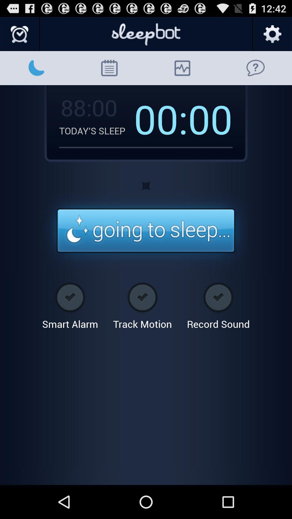 This screenshot has height=519, width=292. What do you see at coordinates (96, 131) in the screenshot?
I see `the item next to the 00:` at bounding box center [96, 131].